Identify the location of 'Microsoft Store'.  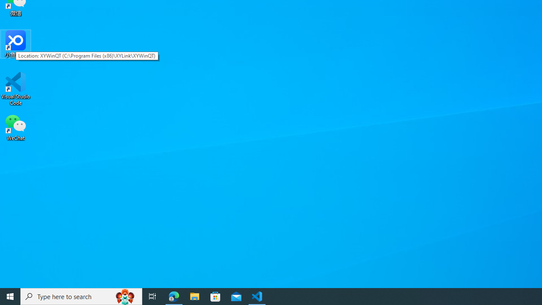
(216, 296).